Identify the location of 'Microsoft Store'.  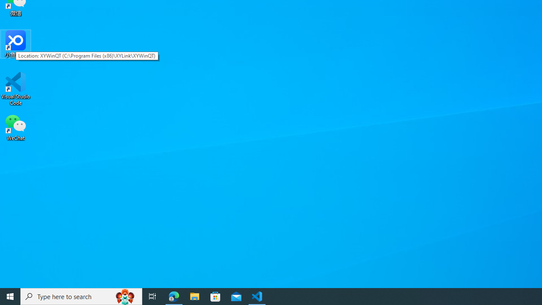
(216, 296).